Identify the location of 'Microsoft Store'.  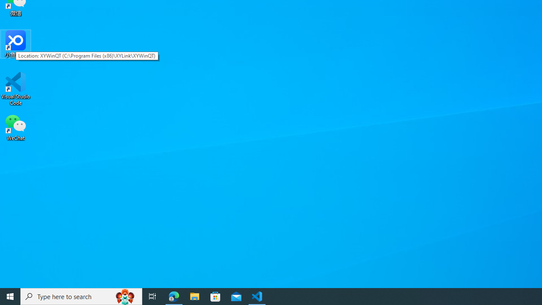
(216, 296).